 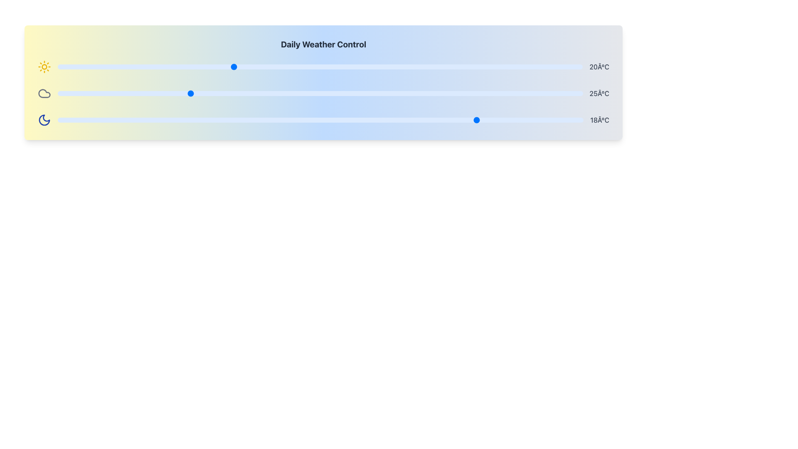 What do you see at coordinates (233, 67) in the screenshot?
I see `the morning temperature` at bounding box center [233, 67].